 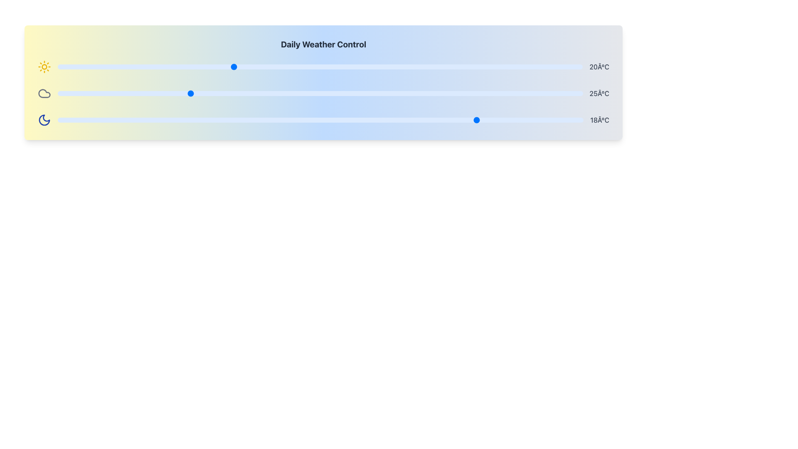 What do you see at coordinates (233, 67) in the screenshot?
I see `the morning temperature` at bounding box center [233, 67].